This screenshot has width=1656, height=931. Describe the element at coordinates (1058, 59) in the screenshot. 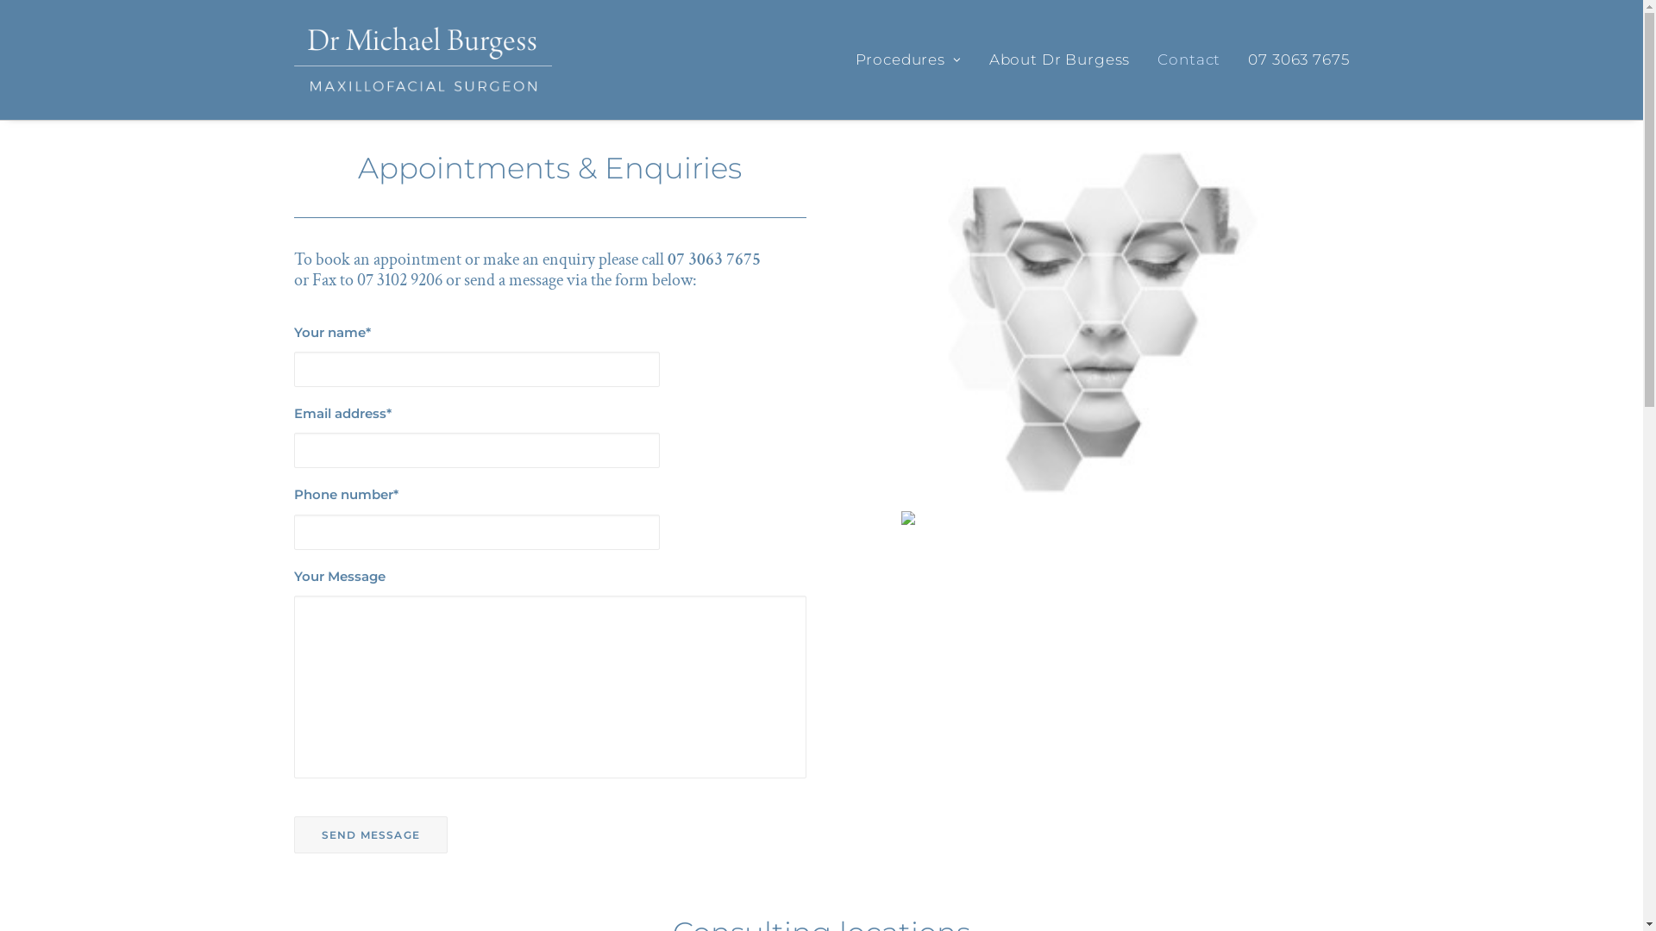

I see `'About Dr Burgess'` at that location.